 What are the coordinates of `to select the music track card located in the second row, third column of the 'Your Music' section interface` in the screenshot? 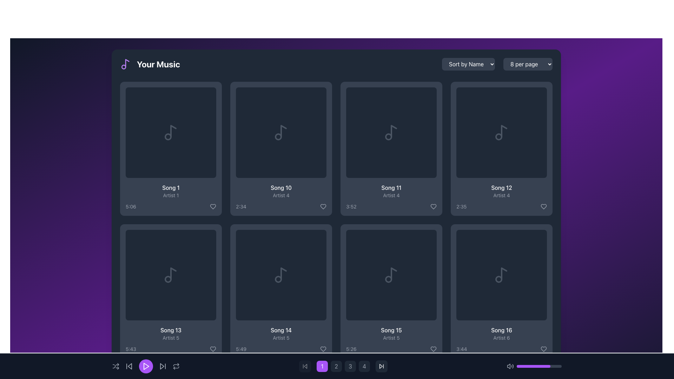 It's located at (391, 291).